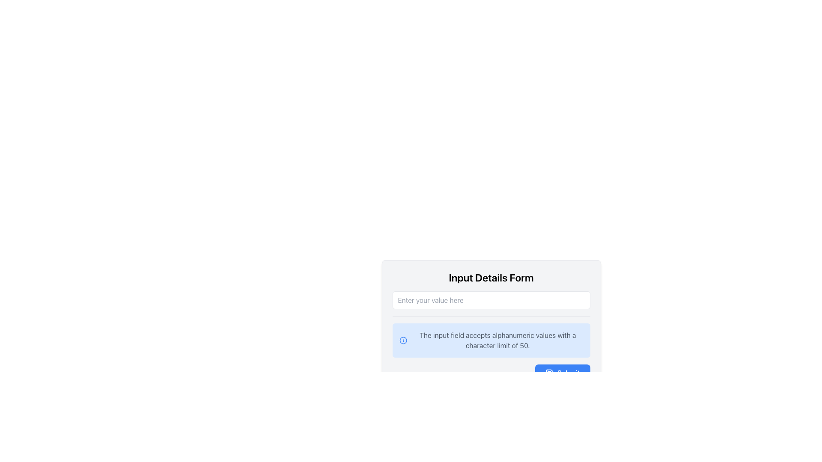 The height and width of the screenshot is (462, 822). What do you see at coordinates (491, 326) in the screenshot?
I see `information provided in the light blue Informational Box located between the input field and the 'Submit' button` at bounding box center [491, 326].